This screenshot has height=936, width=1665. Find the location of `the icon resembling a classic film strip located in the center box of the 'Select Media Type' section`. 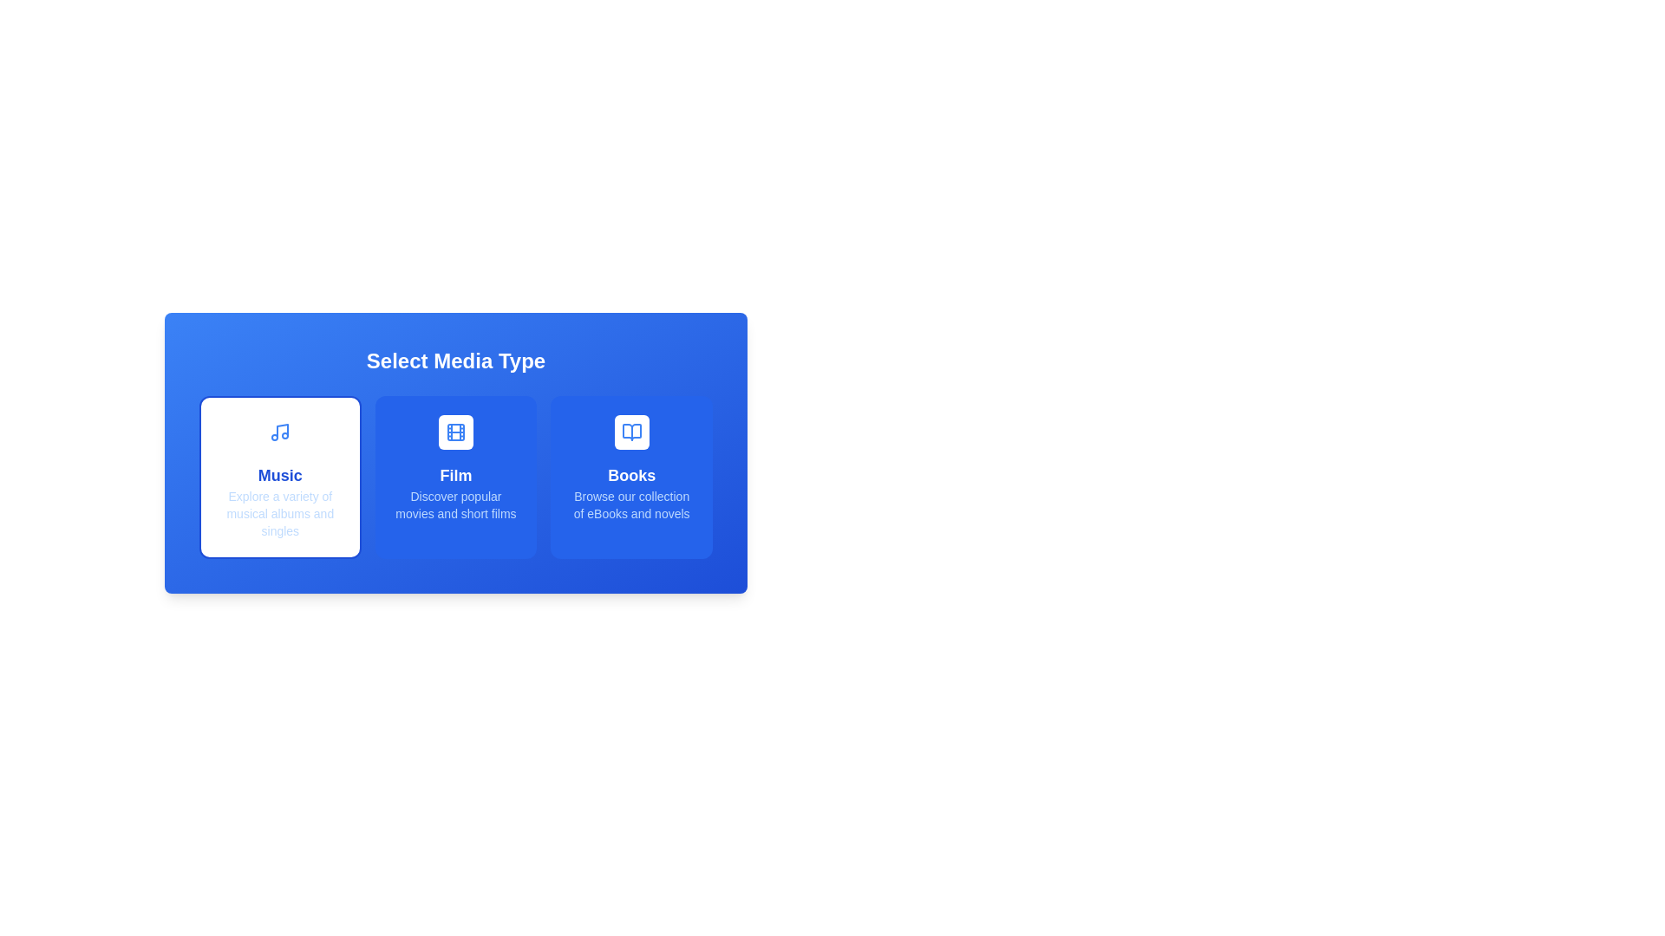

the icon resembling a classic film strip located in the center box of the 'Select Media Type' section is located at coordinates (455, 431).